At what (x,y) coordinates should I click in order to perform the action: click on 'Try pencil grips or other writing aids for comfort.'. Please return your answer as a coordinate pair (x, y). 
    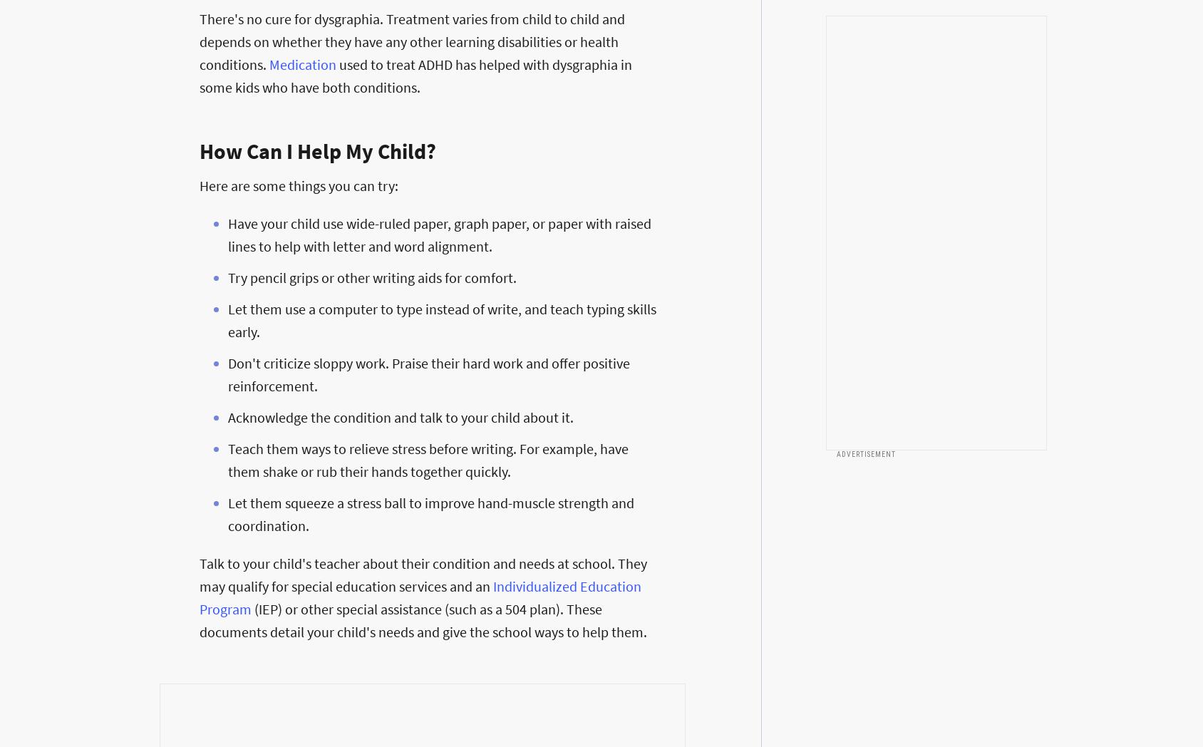
    Looking at the image, I should click on (371, 277).